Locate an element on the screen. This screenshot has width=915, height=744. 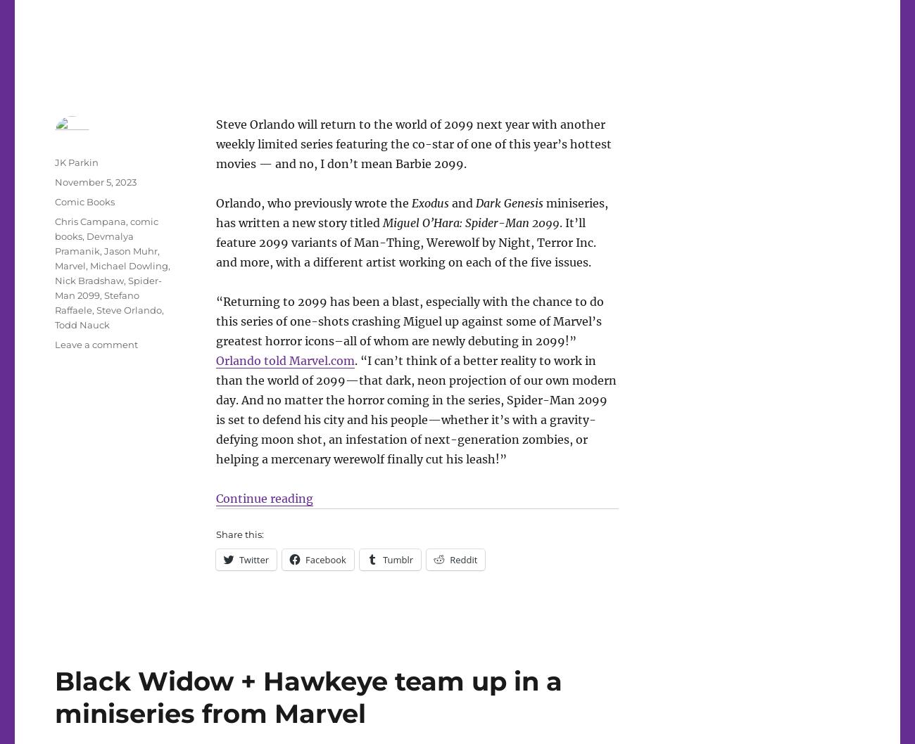
'Michael Dowling' is located at coordinates (89, 266).